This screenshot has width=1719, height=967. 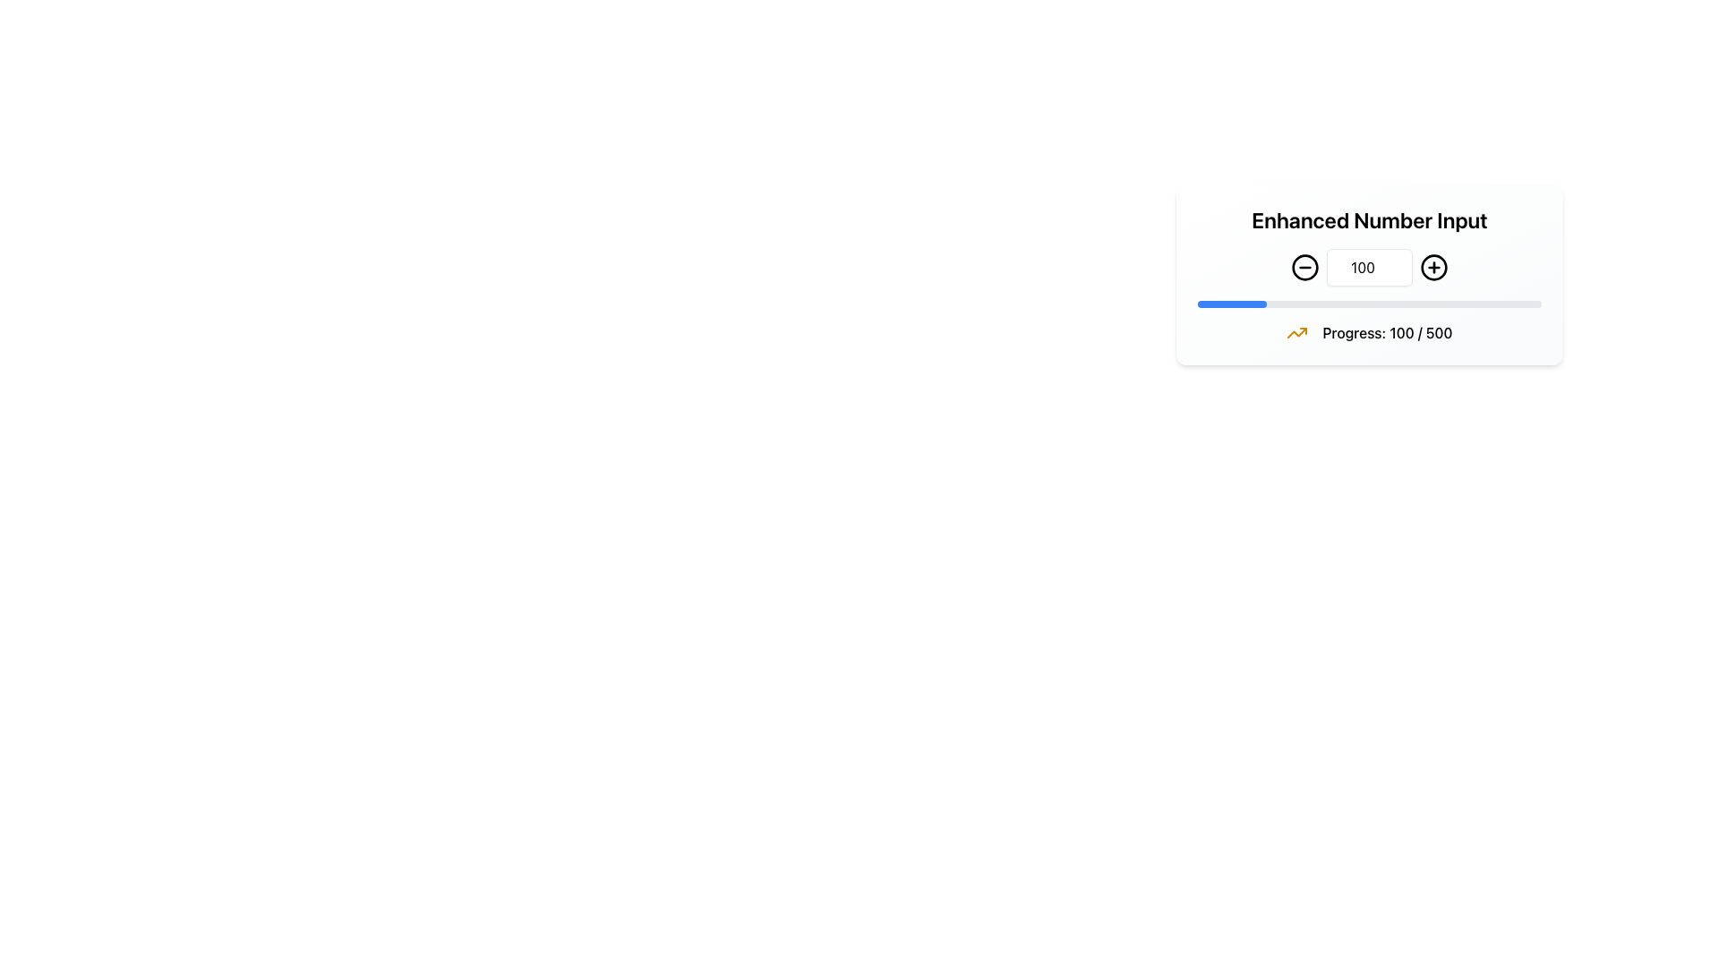 I want to click on progress information displayed in the informational text element, which shows the user's current position (100) relative to a total goal (500), located below the progress bar and to the right of the yellow upward-trending arrow icon, so click(x=1369, y=332).